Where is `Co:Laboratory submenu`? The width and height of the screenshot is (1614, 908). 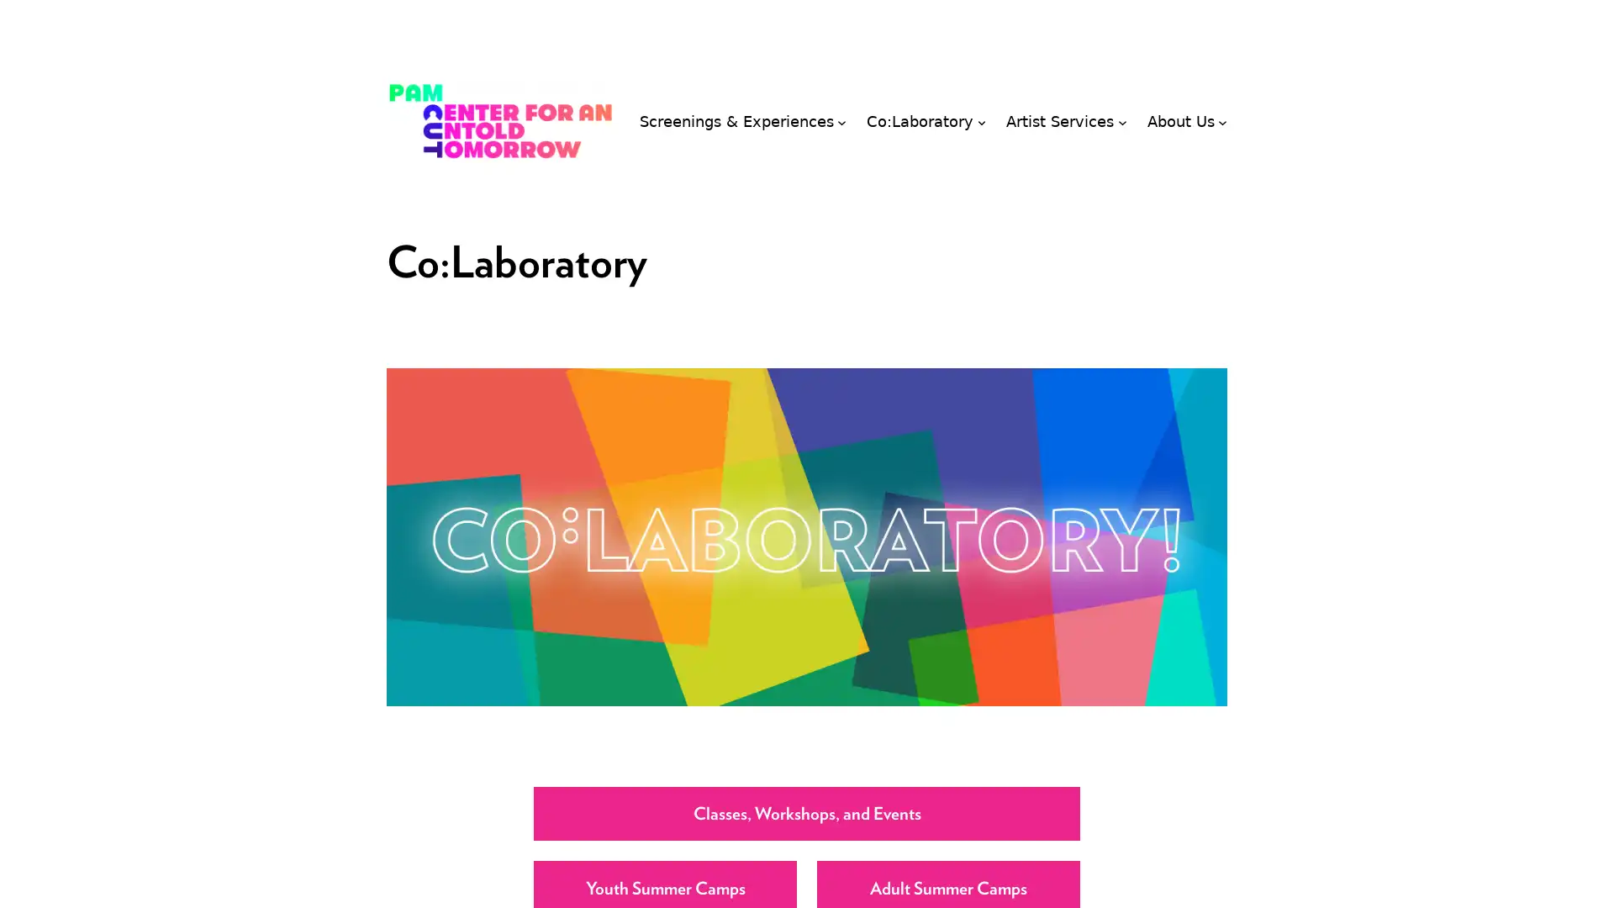 Co:Laboratory submenu is located at coordinates (981, 120).